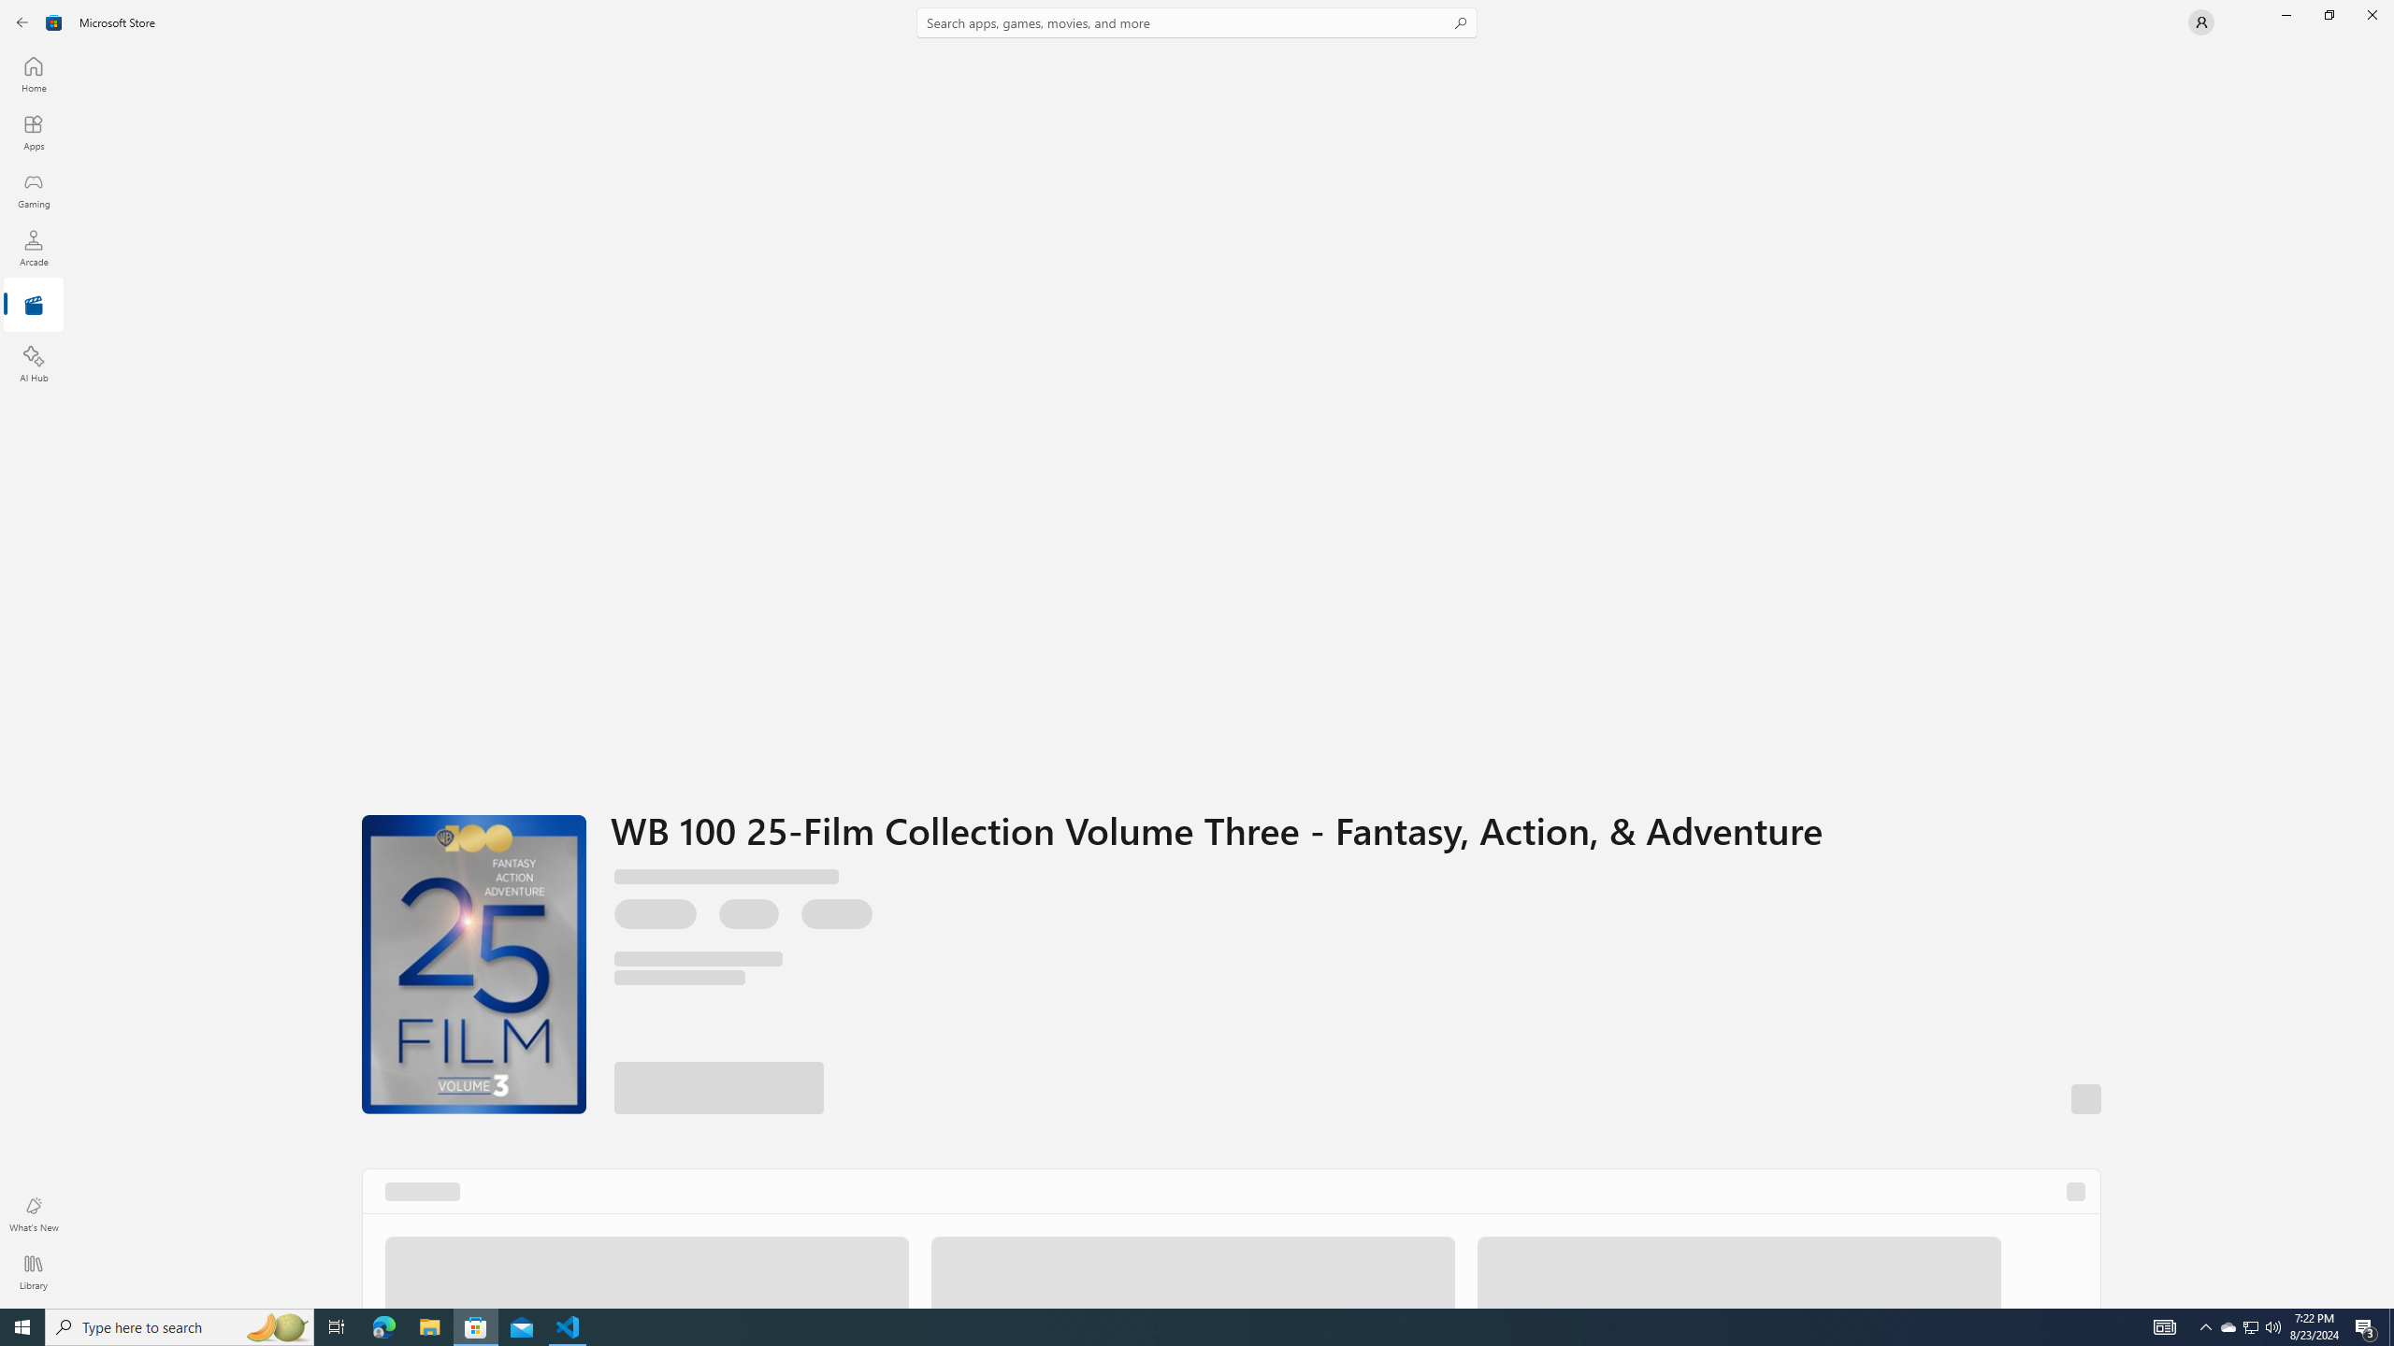 The width and height of the screenshot is (2394, 1346). What do you see at coordinates (32, 73) in the screenshot?
I see `'Home'` at bounding box center [32, 73].